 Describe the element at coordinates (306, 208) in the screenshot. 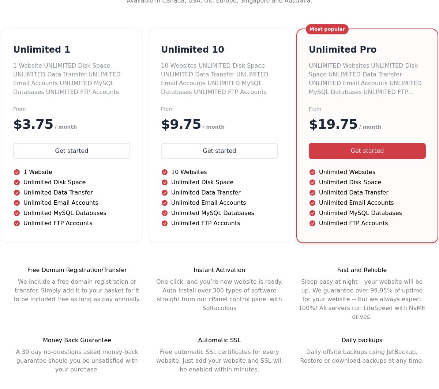

I see `'Company Details'` at that location.